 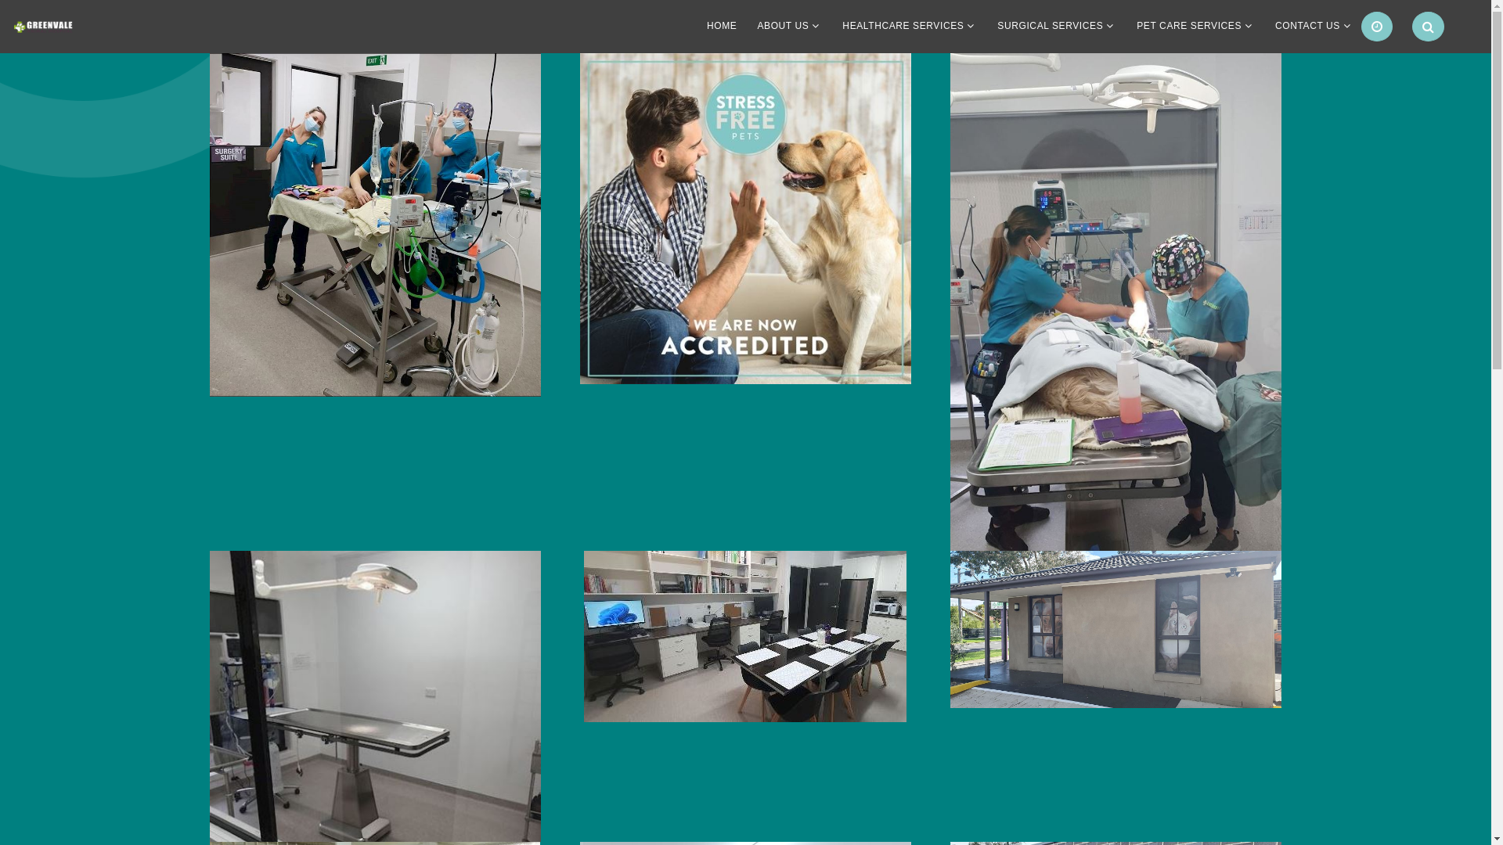 What do you see at coordinates (903, 26) in the screenshot?
I see `'HEALTHCARE SERVICES'` at bounding box center [903, 26].